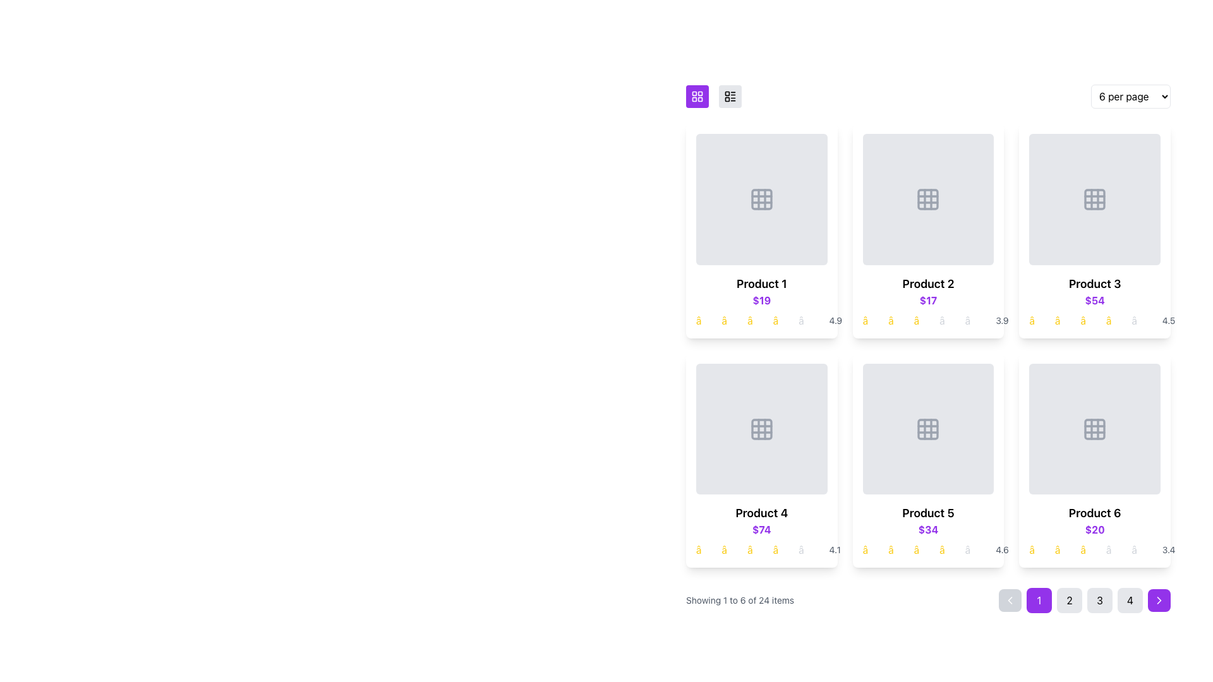  Describe the element at coordinates (1094, 428) in the screenshot. I see `the central square of the 3x3 icon grid that is part of the 'Product 6' interface, which is styled in a gray tone and has slightly rounded corners` at that location.